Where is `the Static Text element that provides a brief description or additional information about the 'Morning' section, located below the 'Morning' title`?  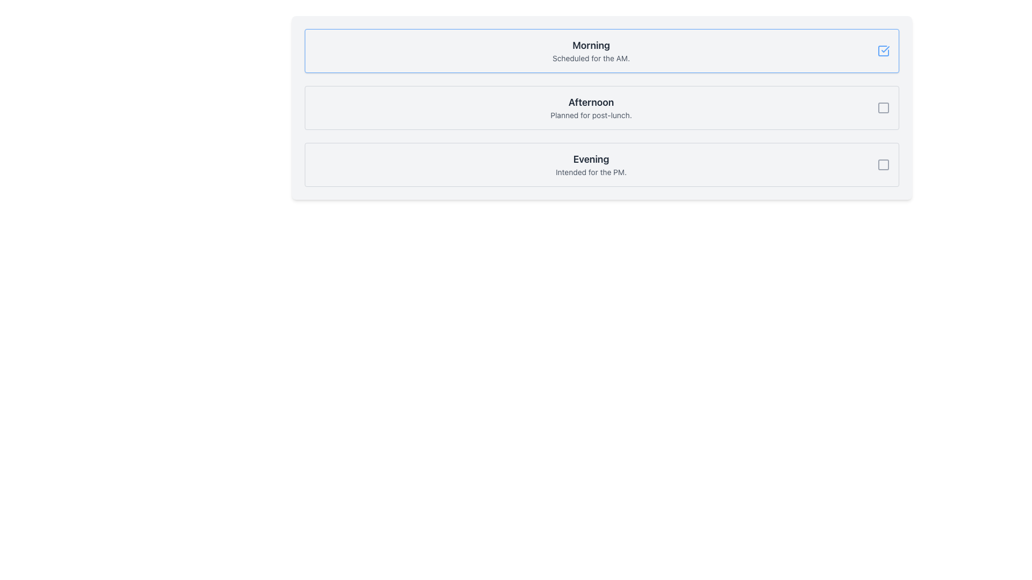
the Static Text element that provides a brief description or additional information about the 'Morning' section, located below the 'Morning' title is located at coordinates (590, 58).